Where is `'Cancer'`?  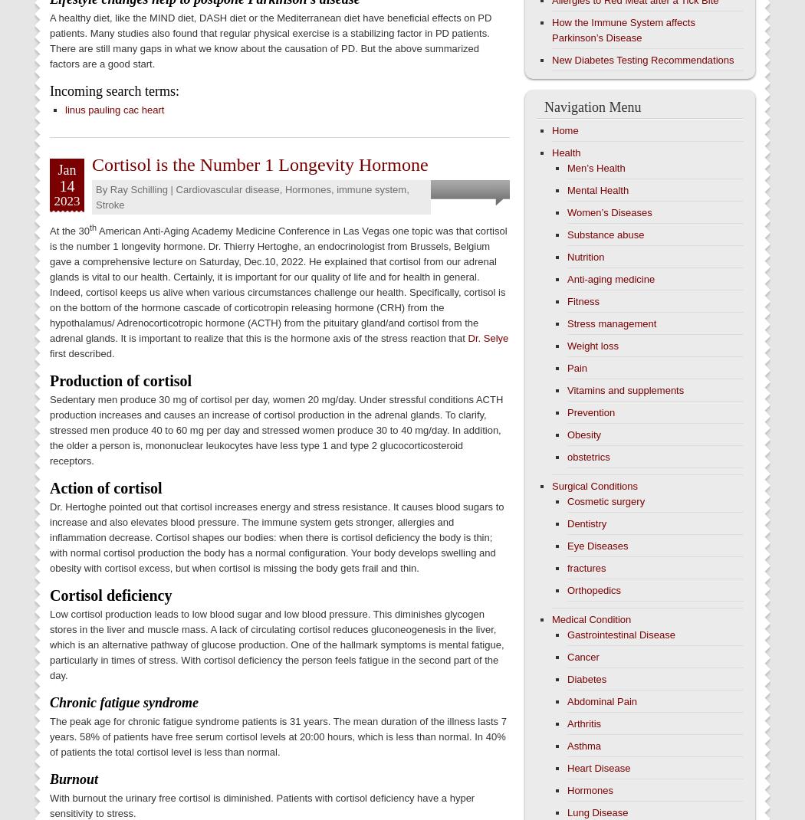 'Cancer' is located at coordinates (583, 657).